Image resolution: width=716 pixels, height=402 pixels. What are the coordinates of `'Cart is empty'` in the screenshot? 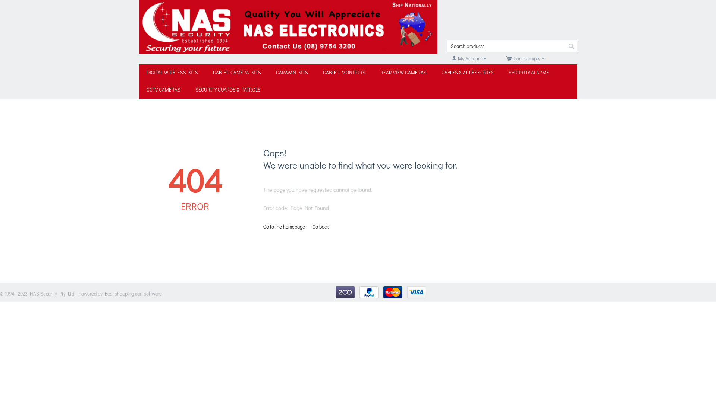 It's located at (524, 58).